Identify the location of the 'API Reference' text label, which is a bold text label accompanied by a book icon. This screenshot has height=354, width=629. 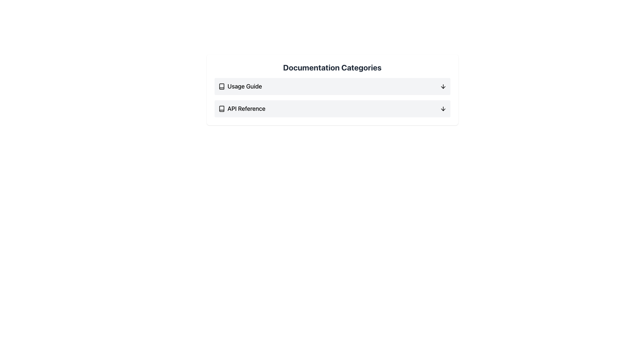
(241, 108).